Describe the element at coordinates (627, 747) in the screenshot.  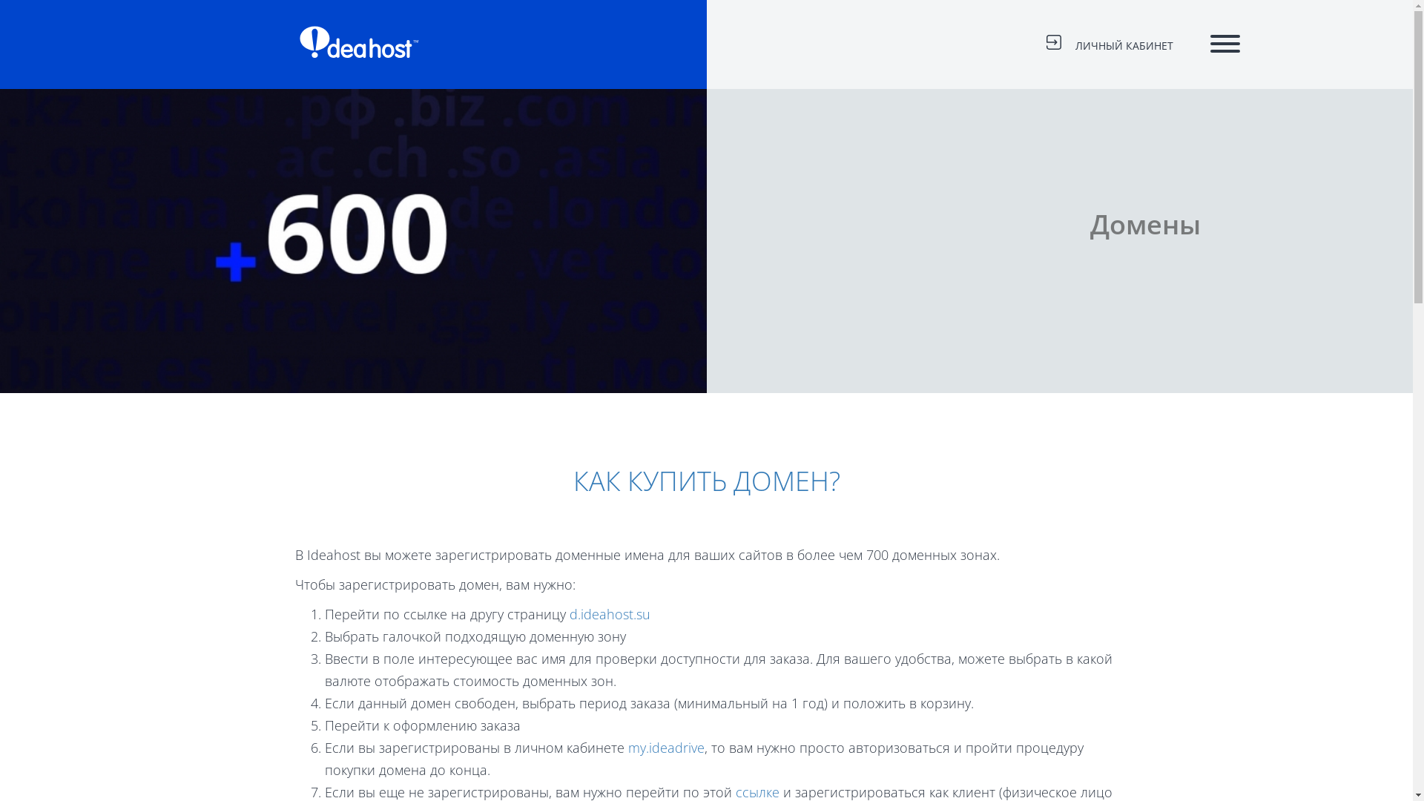
I see `'my.ideadrive'` at that location.